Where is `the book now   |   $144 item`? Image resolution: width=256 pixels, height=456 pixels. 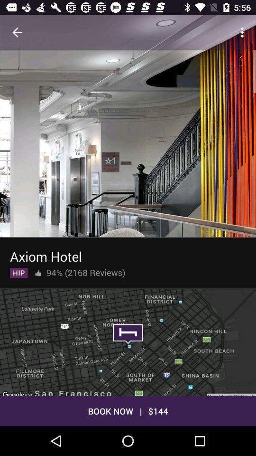 the book now   |   $144 item is located at coordinates (128, 410).